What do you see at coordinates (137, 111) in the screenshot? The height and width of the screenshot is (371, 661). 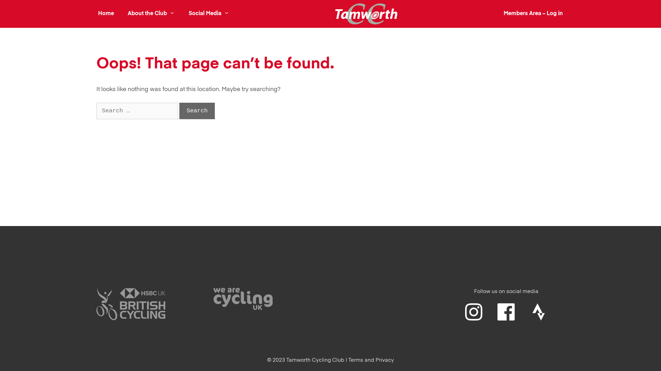 I see `'Search for:'` at bounding box center [137, 111].